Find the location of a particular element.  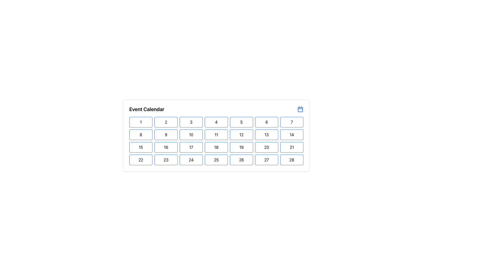

the rectangular button with rounded corners that has a blue border and contains the text '2' is located at coordinates (166, 122).